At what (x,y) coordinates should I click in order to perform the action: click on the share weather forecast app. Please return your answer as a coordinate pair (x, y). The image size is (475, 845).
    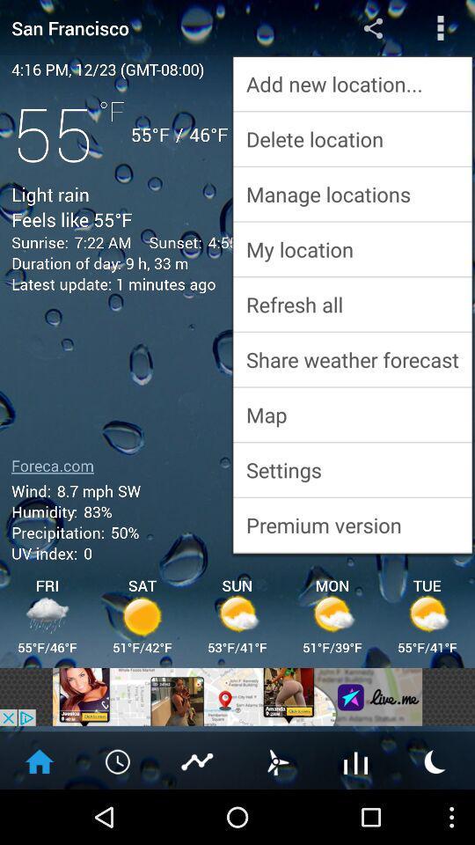
    Looking at the image, I should click on (352, 358).